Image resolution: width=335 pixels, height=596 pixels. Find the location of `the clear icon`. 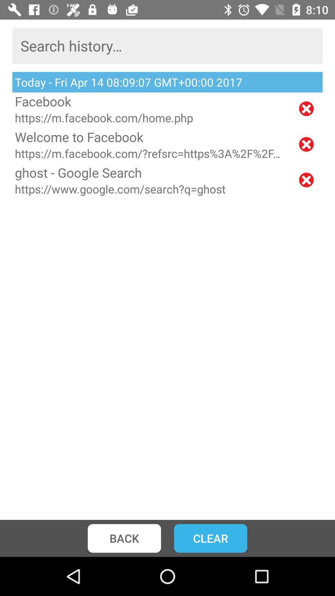

the clear icon is located at coordinates (210, 538).